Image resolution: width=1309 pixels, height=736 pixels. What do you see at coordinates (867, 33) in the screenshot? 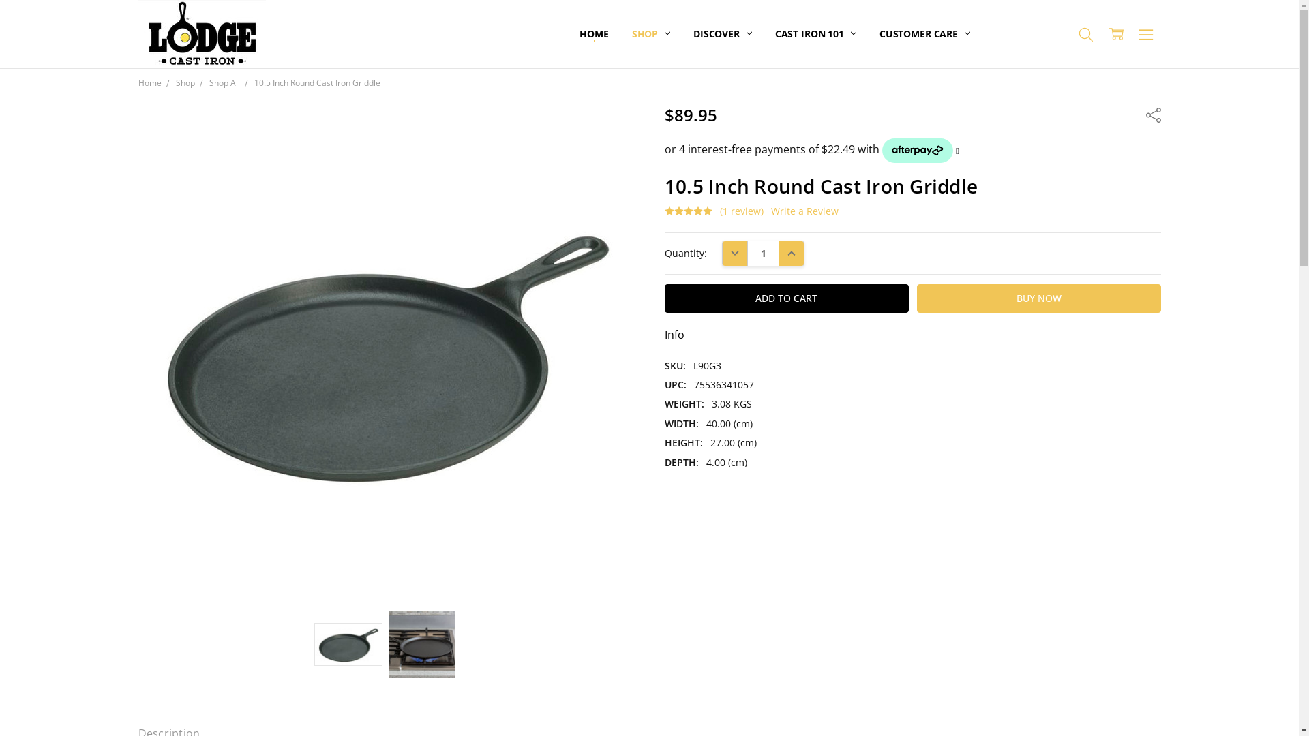
I see `'CUSTOMER CARE'` at bounding box center [867, 33].